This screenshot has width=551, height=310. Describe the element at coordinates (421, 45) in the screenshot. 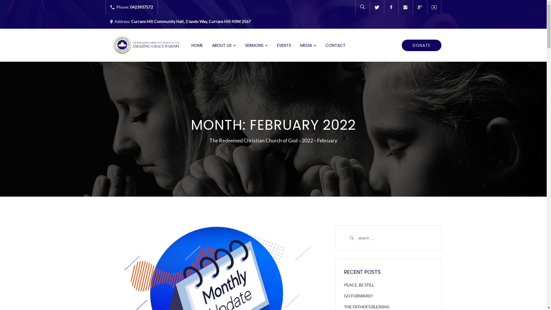

I see `'DONATE'` at that location.